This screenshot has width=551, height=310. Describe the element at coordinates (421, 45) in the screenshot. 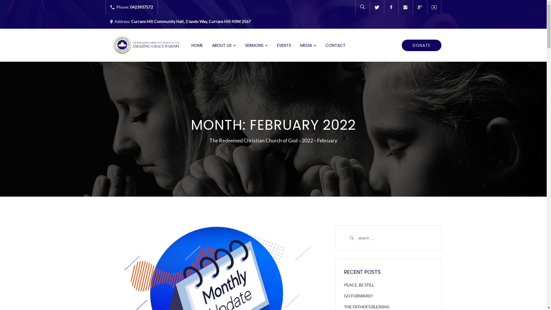

I see `'DONATE'` at that location.